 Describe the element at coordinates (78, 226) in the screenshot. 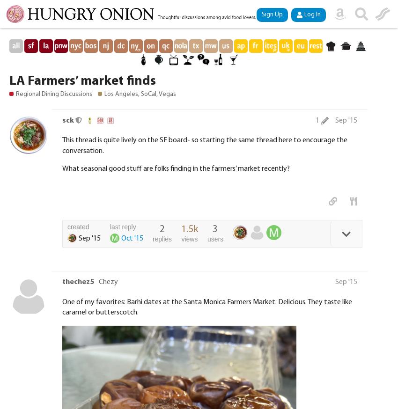

I see `'created'` at that location.